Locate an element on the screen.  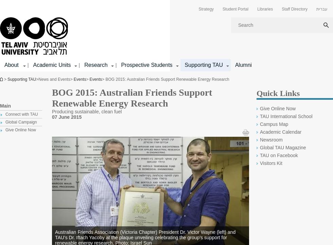
'Student Portal' is located at coordinates (235, 9).